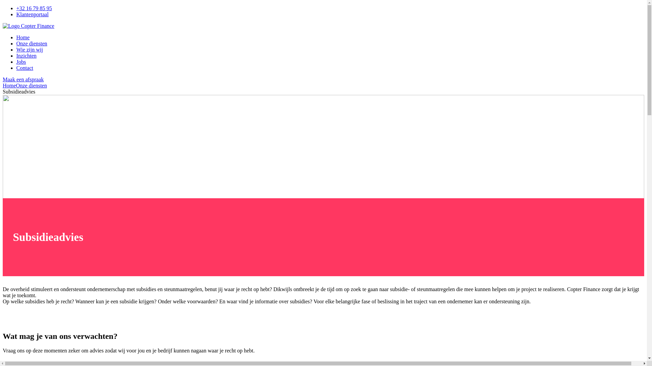 The height and width of the screenshot is (366, 652). I want to click on 'Home', so click(23, 37).